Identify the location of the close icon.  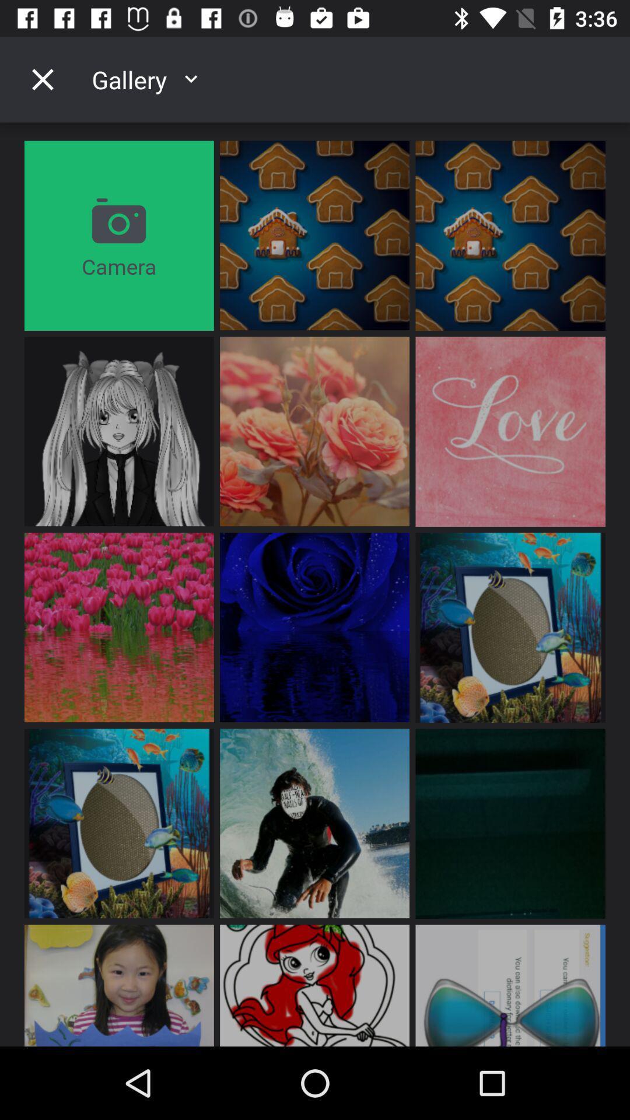
(42, 79).